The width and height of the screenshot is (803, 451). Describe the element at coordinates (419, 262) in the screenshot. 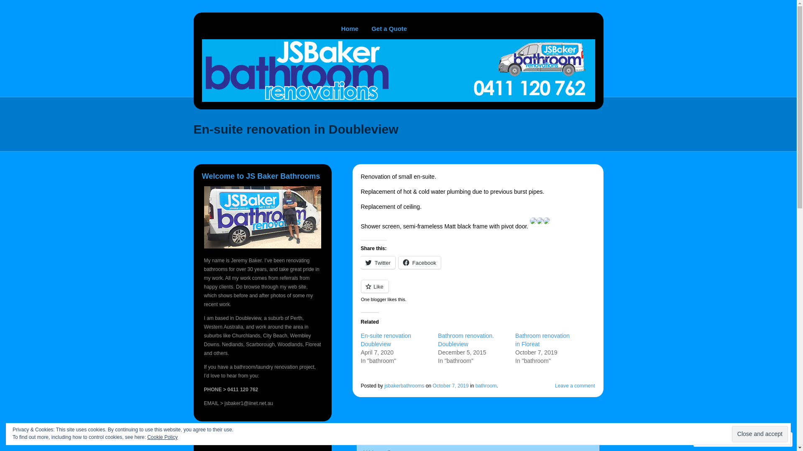

I see `'Facebook'` at that location.